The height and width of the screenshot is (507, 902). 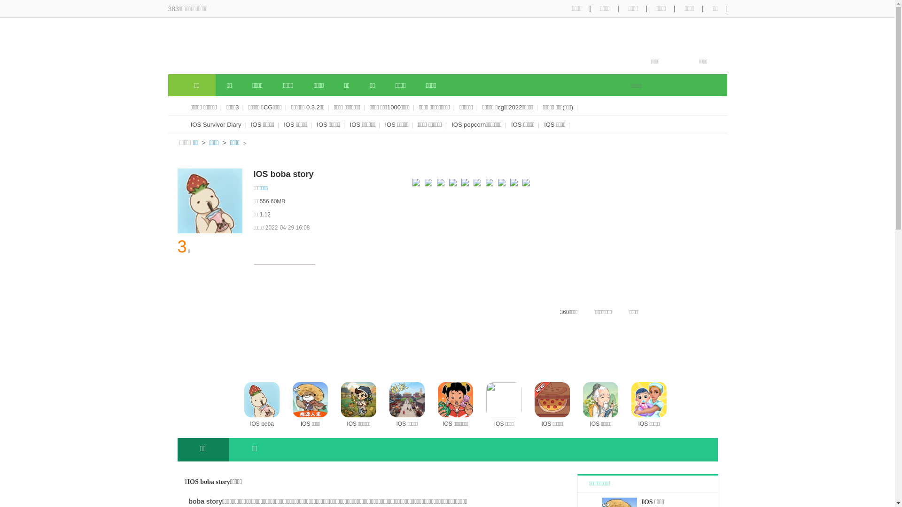 What do you see at coordinates (216, 124) in the screenshot?
I see `'IOS Survivor Diary'` at bounding box center [216, 124].